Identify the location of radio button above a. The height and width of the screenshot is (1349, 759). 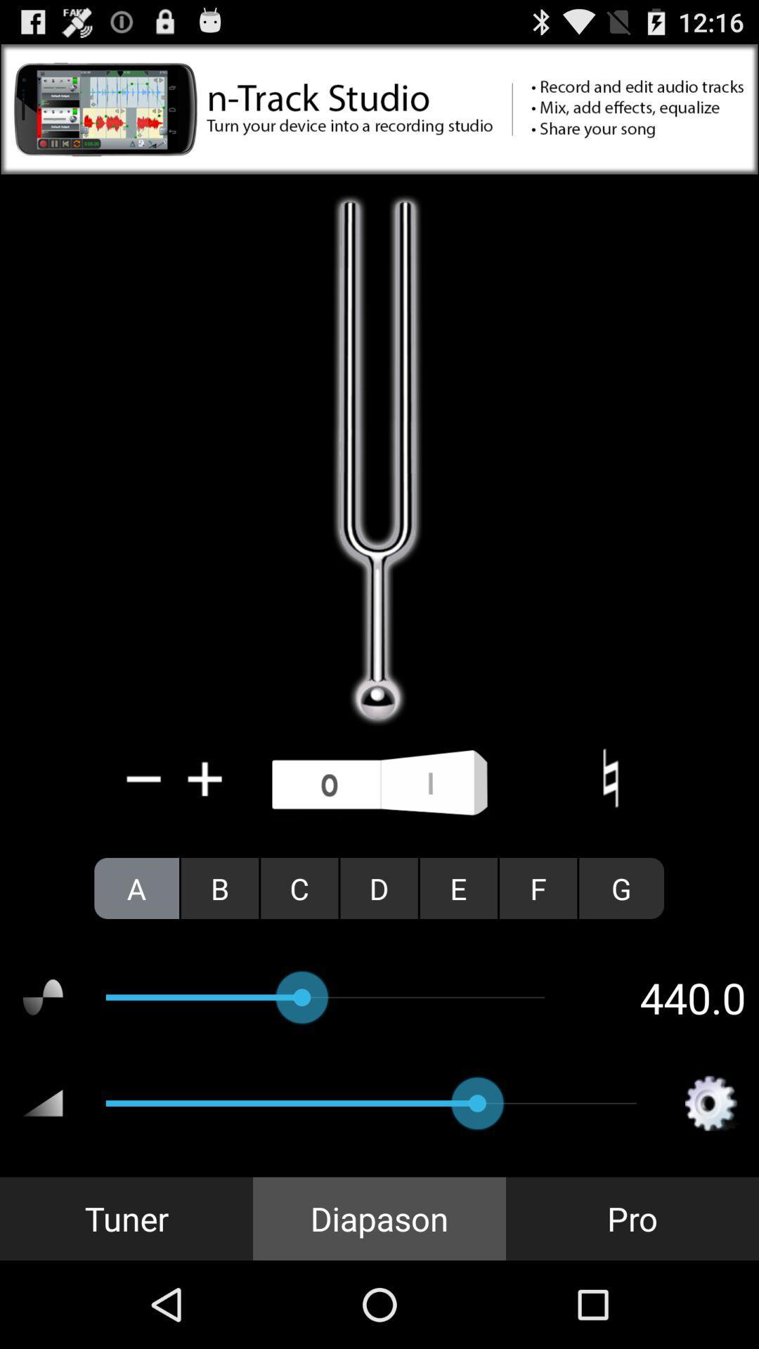
(144, 778).